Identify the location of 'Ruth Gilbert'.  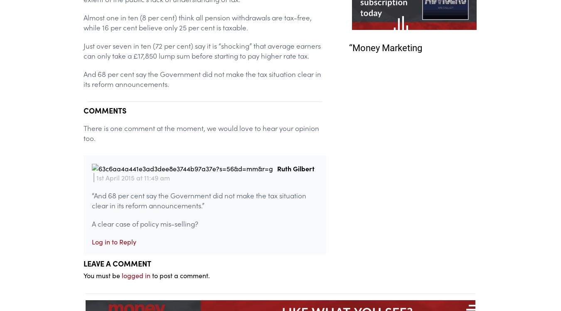
(295, 168).